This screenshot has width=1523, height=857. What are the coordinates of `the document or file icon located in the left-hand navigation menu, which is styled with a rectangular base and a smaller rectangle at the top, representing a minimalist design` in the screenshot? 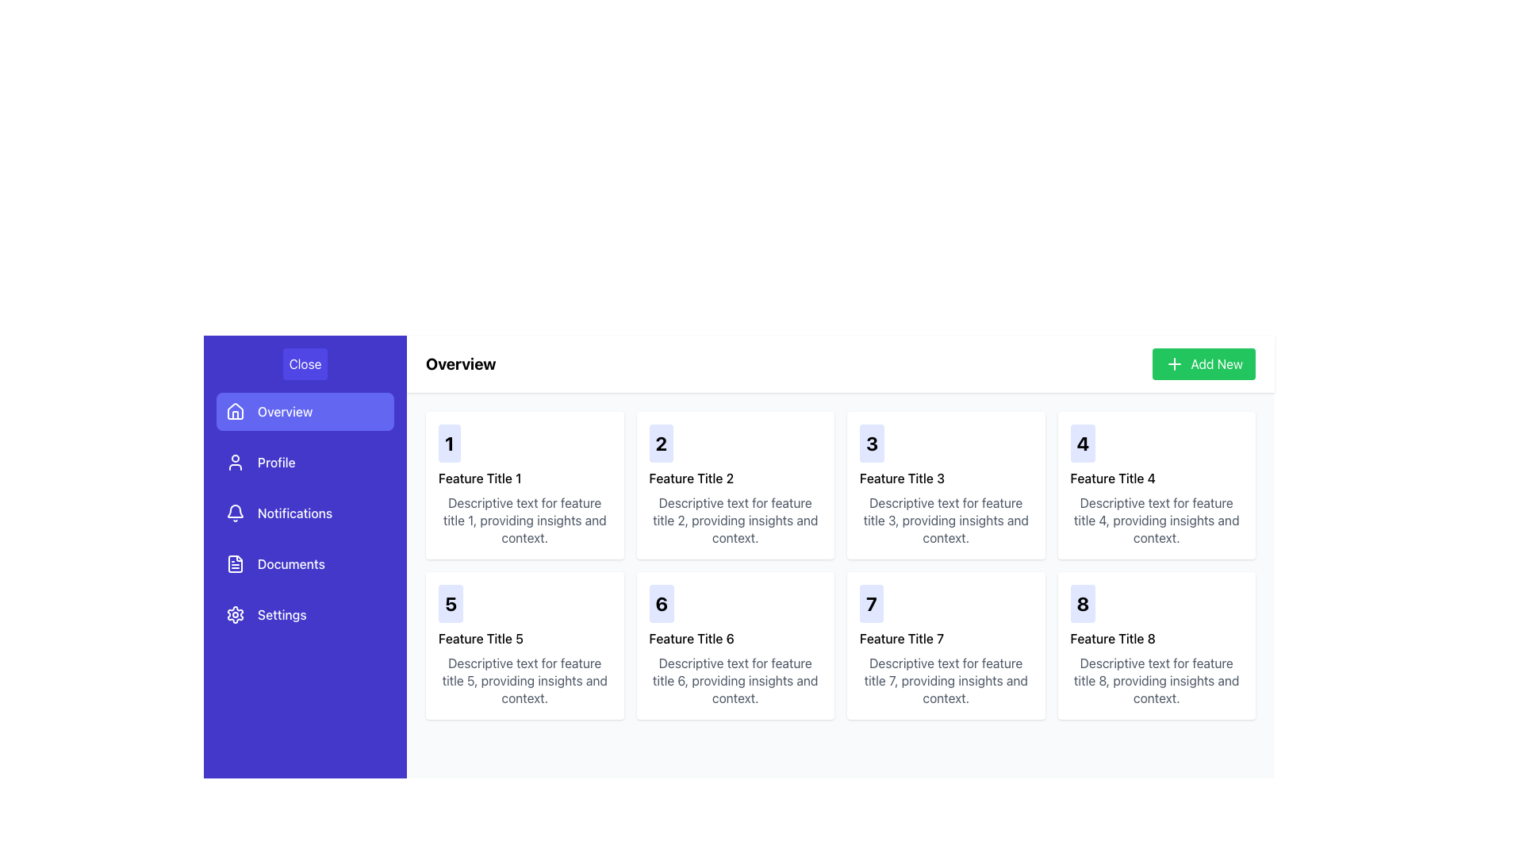 It's located at (235, 563).